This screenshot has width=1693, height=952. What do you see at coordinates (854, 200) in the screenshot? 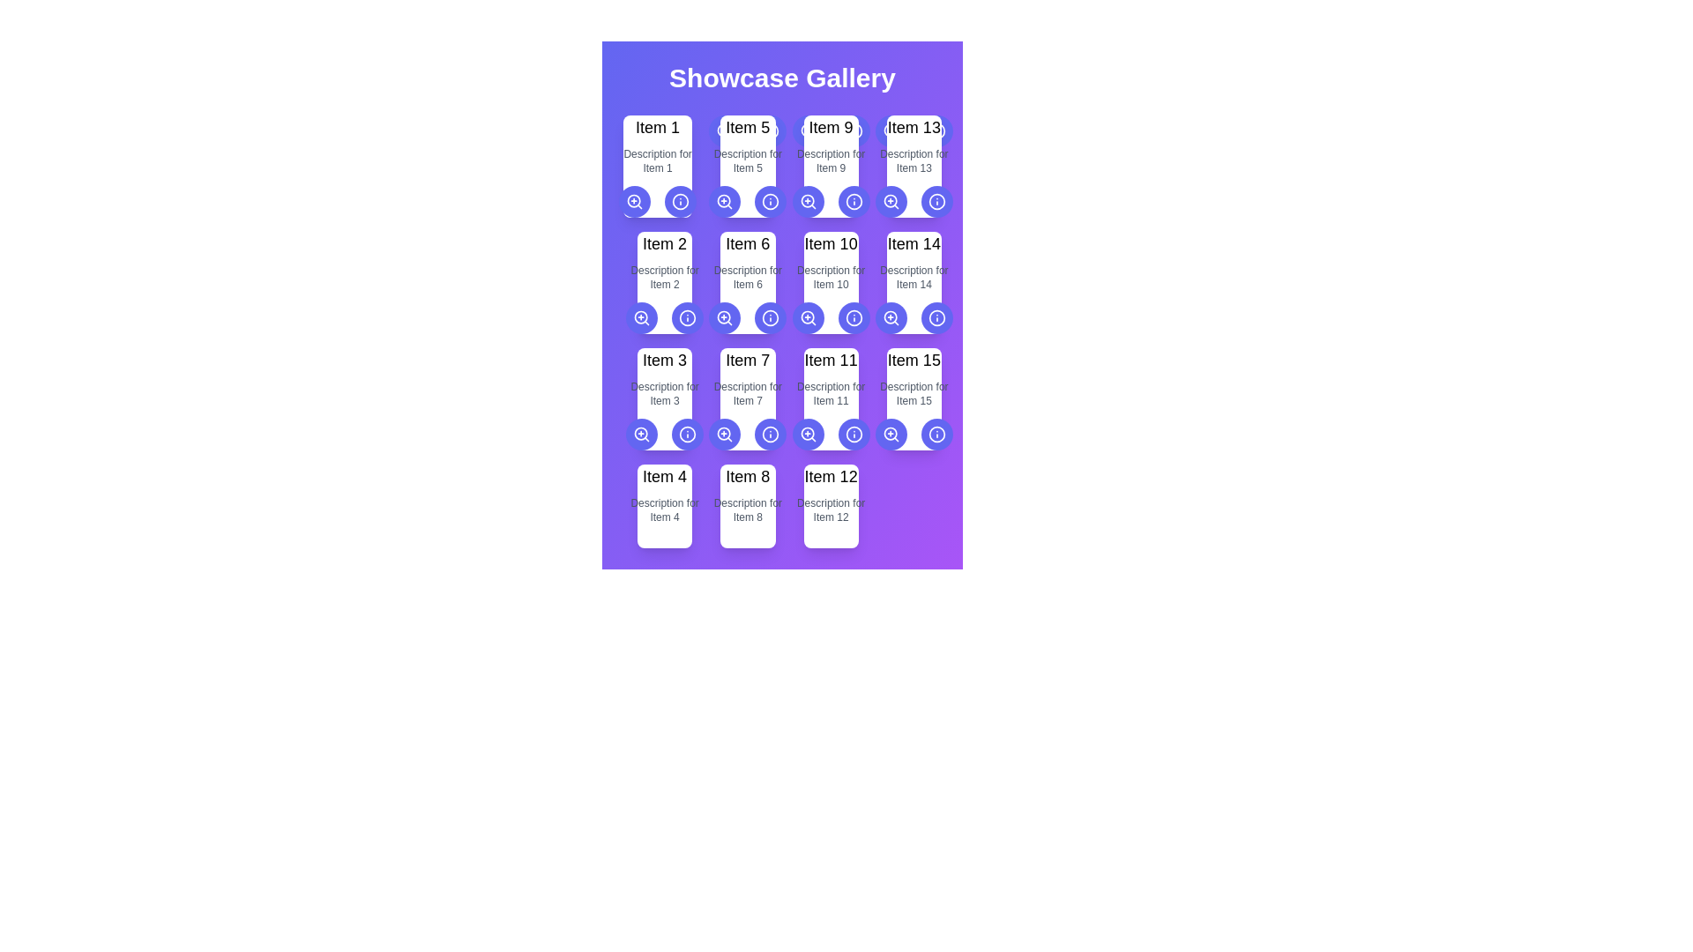
I see `the inner info icon located within the circular button in the lower right corner of Item 9` at bounding box center [854, 200].